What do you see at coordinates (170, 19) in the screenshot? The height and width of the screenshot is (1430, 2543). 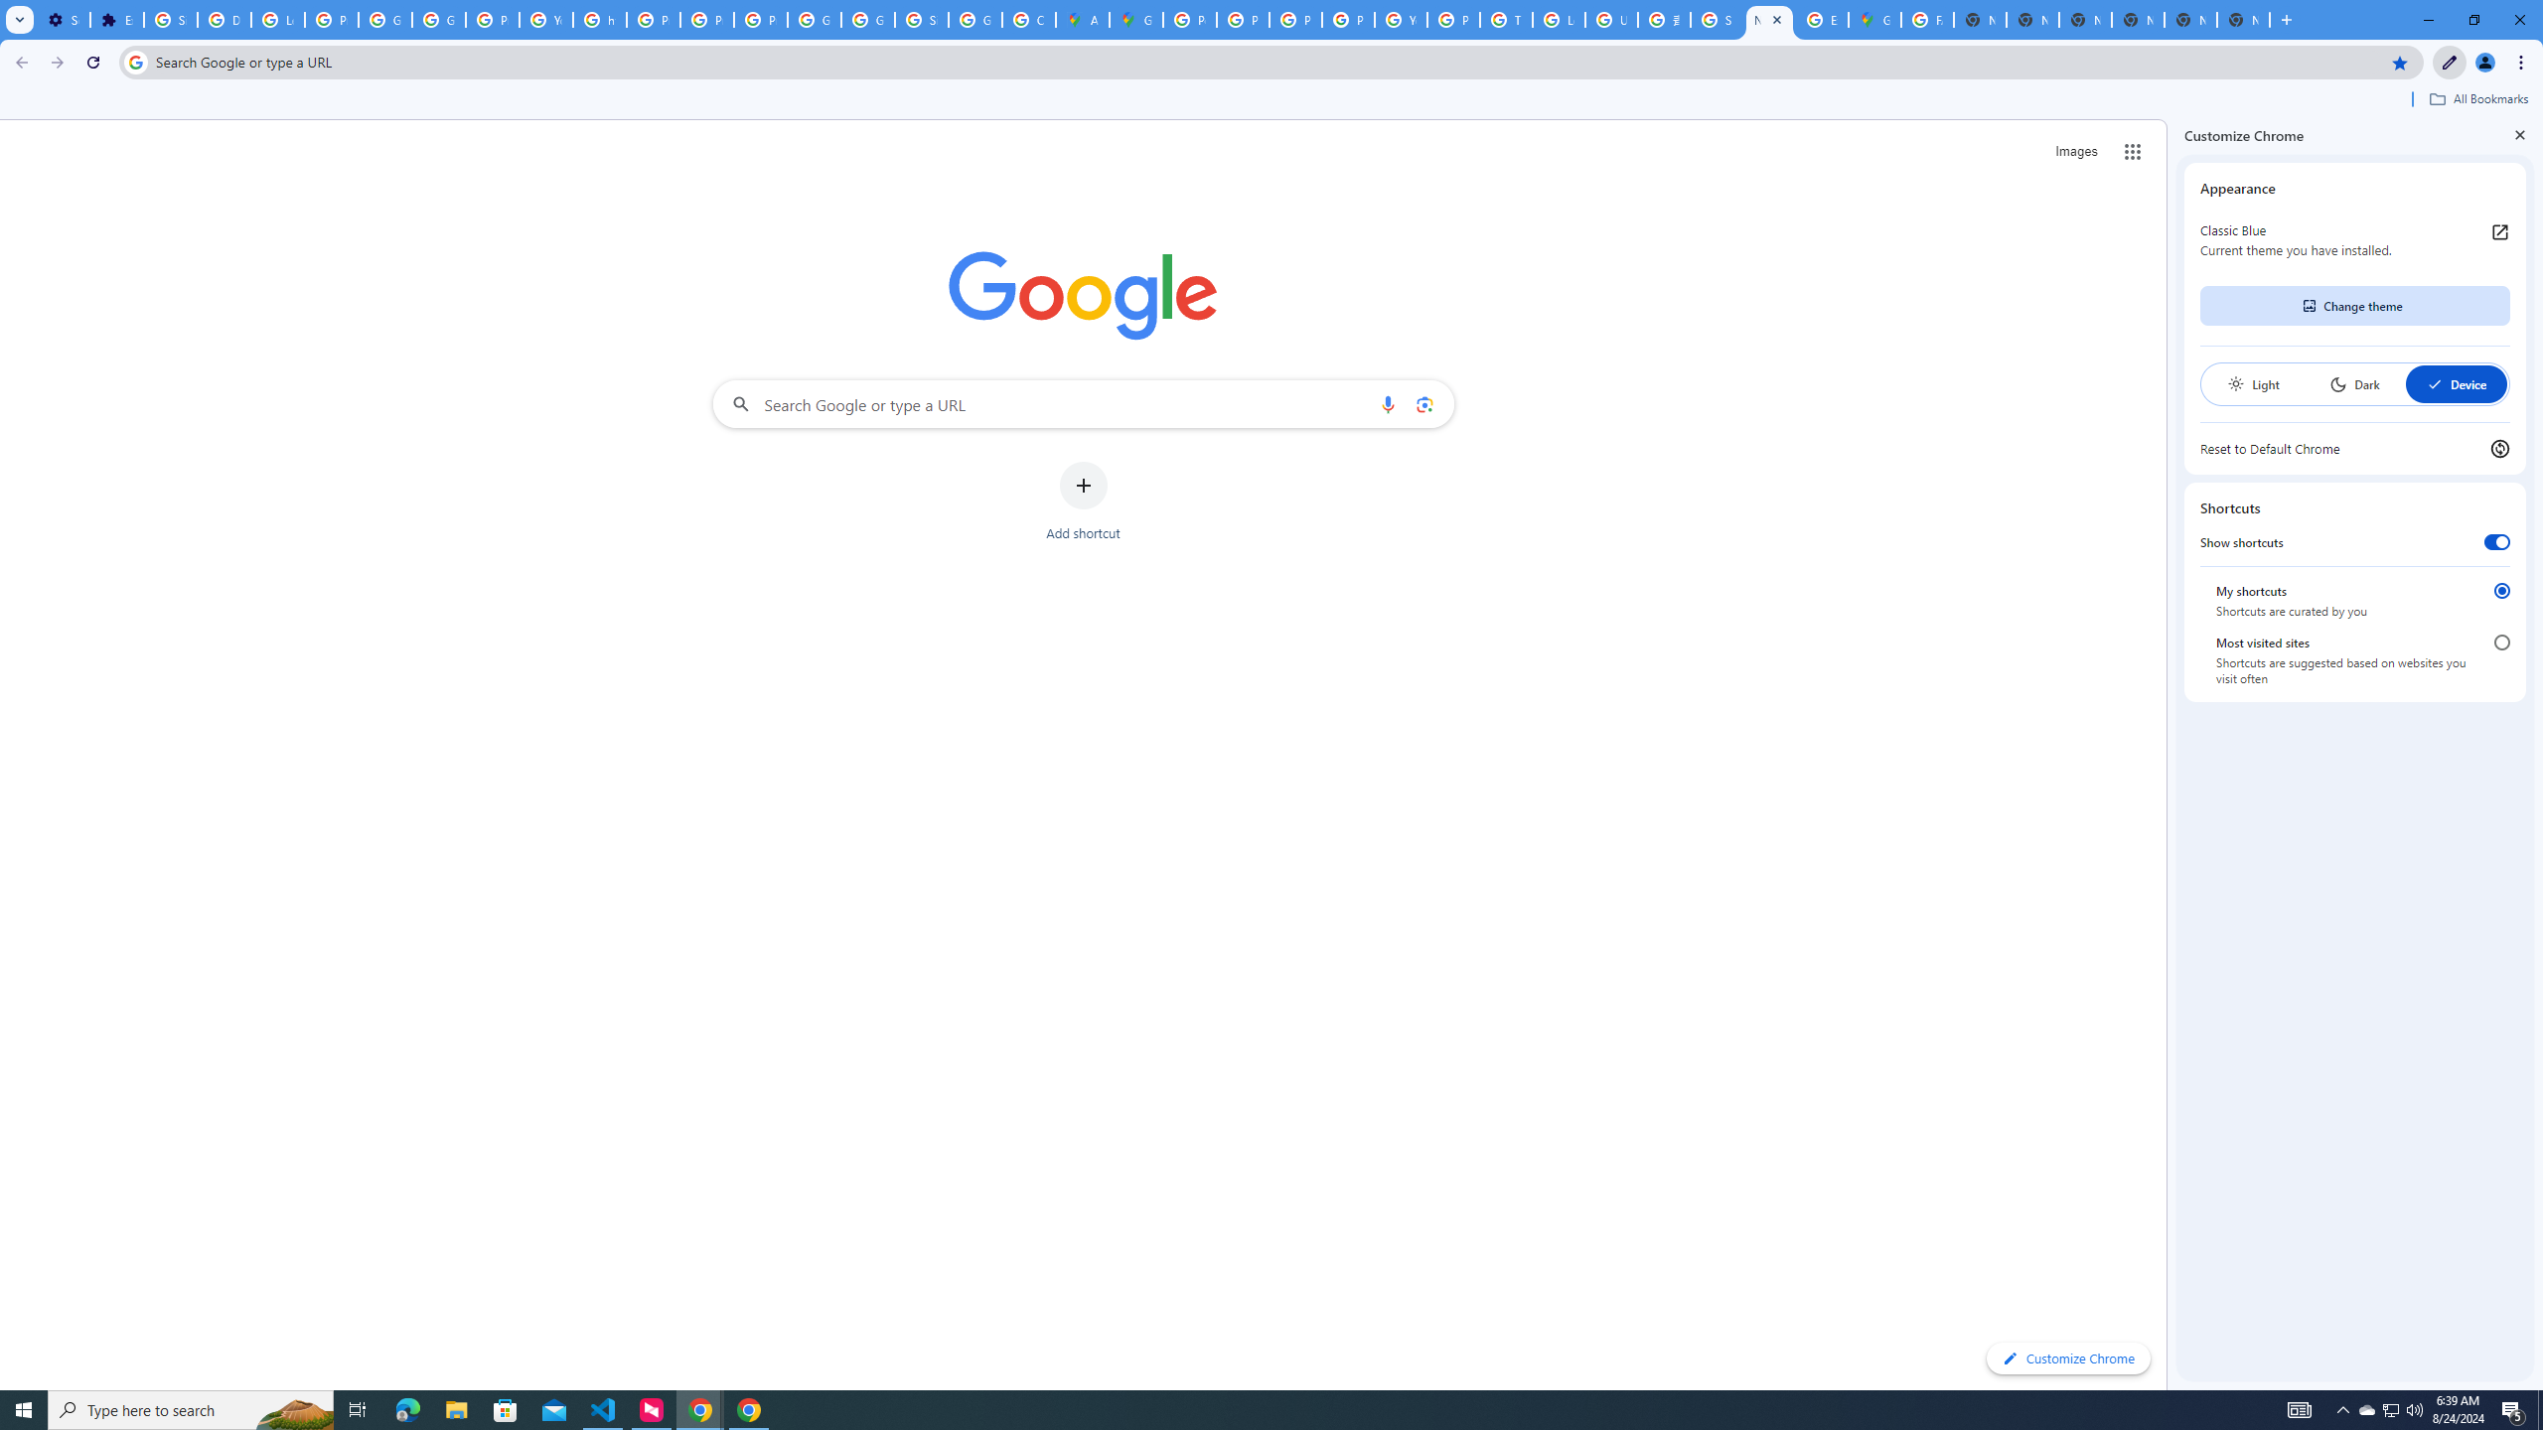 I see `'Sign in - Google Accounts'` at bounding box center [170, 19].